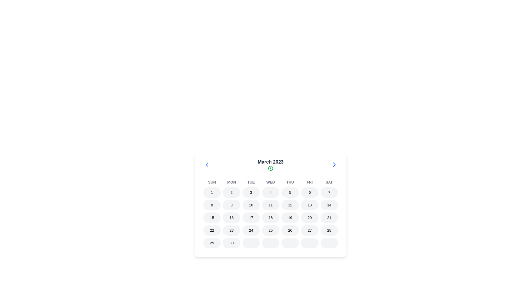 The height and width of the screenshot is (284, 505). Describe the element at coordinates (270, 162) in the screenshot. I see `the title element that indicates the currently displayed month and year of the calendar view, located at the top center of the calendar interface` at that location.